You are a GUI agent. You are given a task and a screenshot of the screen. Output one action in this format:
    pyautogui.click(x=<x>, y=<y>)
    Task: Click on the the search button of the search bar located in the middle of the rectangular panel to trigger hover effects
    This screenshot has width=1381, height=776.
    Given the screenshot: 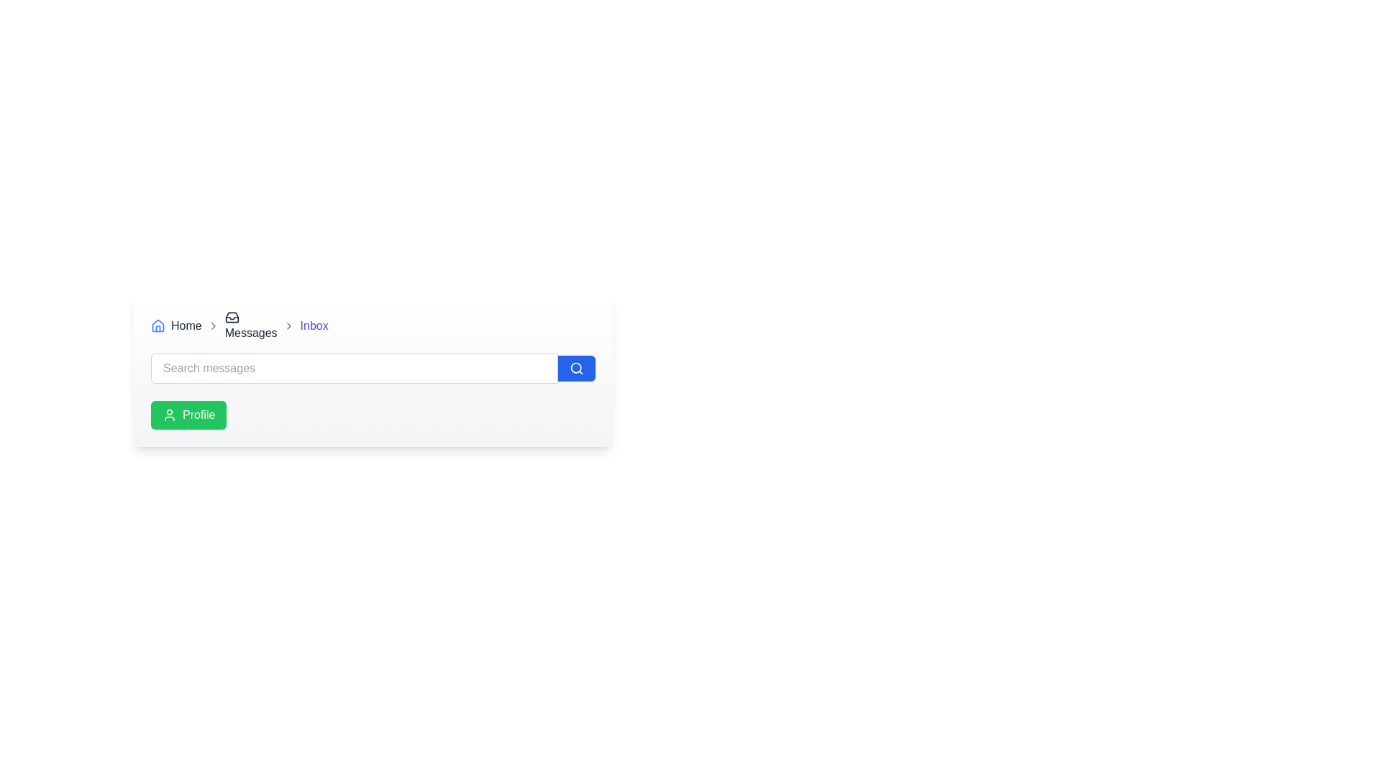 What is the action you would take?
    pyautogui.click(x=373, y=368)
    